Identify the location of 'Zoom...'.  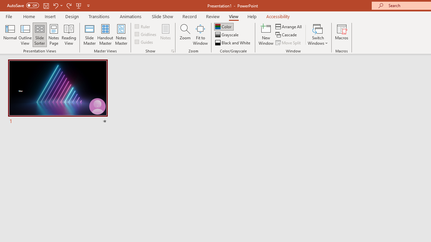
(185, 35).